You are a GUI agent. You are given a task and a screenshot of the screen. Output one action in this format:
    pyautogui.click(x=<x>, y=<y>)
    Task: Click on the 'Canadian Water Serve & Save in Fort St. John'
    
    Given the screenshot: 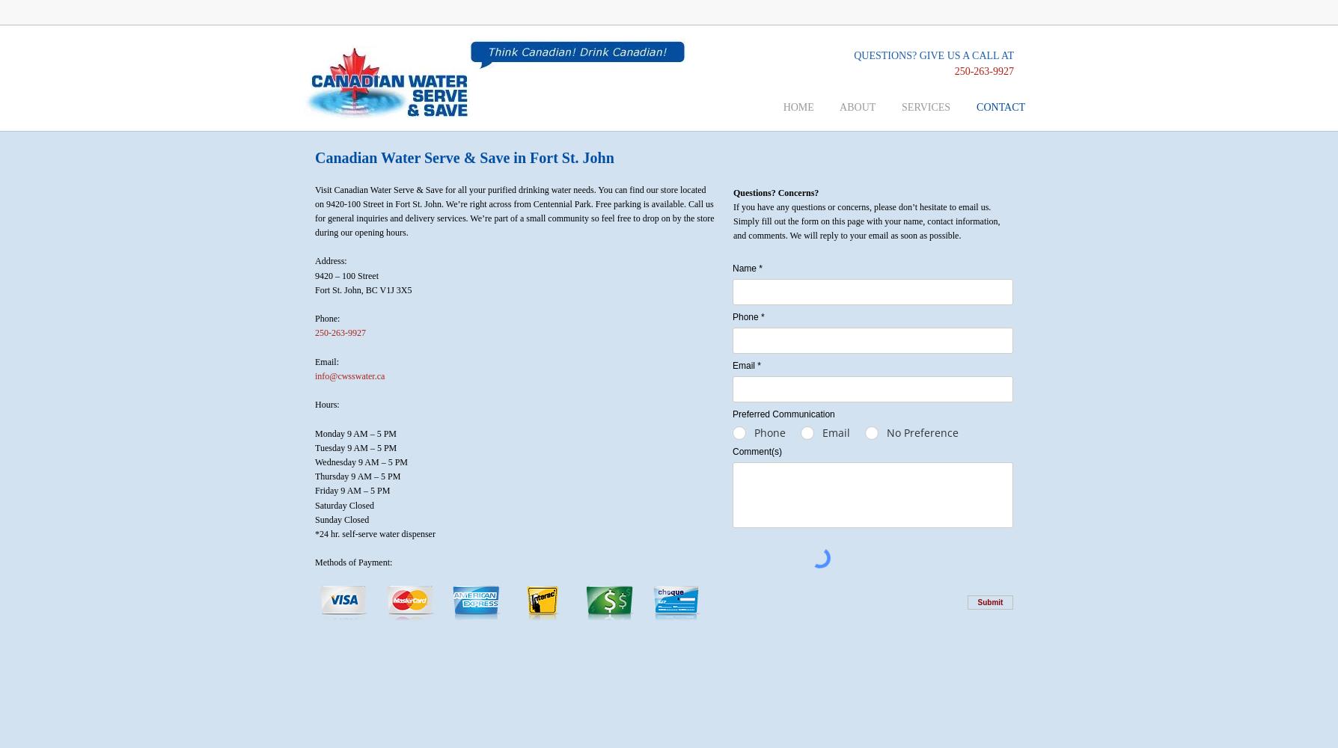 What is the action you would take?
    pyautogui.click(x=464, y=156)
    